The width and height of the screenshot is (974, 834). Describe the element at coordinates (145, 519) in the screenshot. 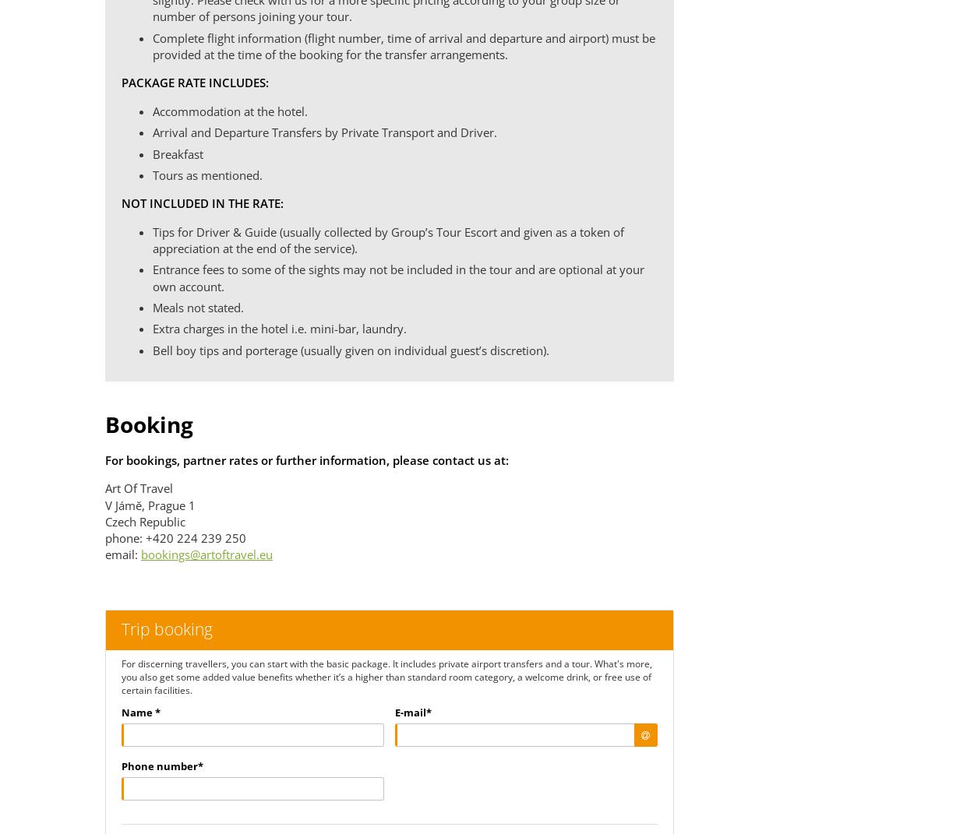

I see `'Czech Republic'` at that location.